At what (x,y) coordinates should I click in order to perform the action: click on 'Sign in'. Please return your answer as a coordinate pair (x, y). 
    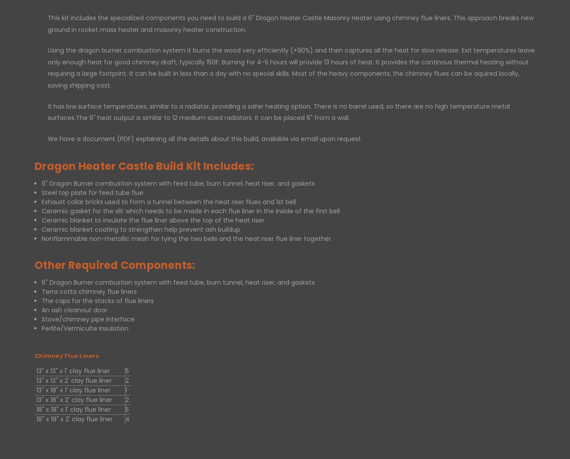
    Looking at the image, I should click on (39, 254).